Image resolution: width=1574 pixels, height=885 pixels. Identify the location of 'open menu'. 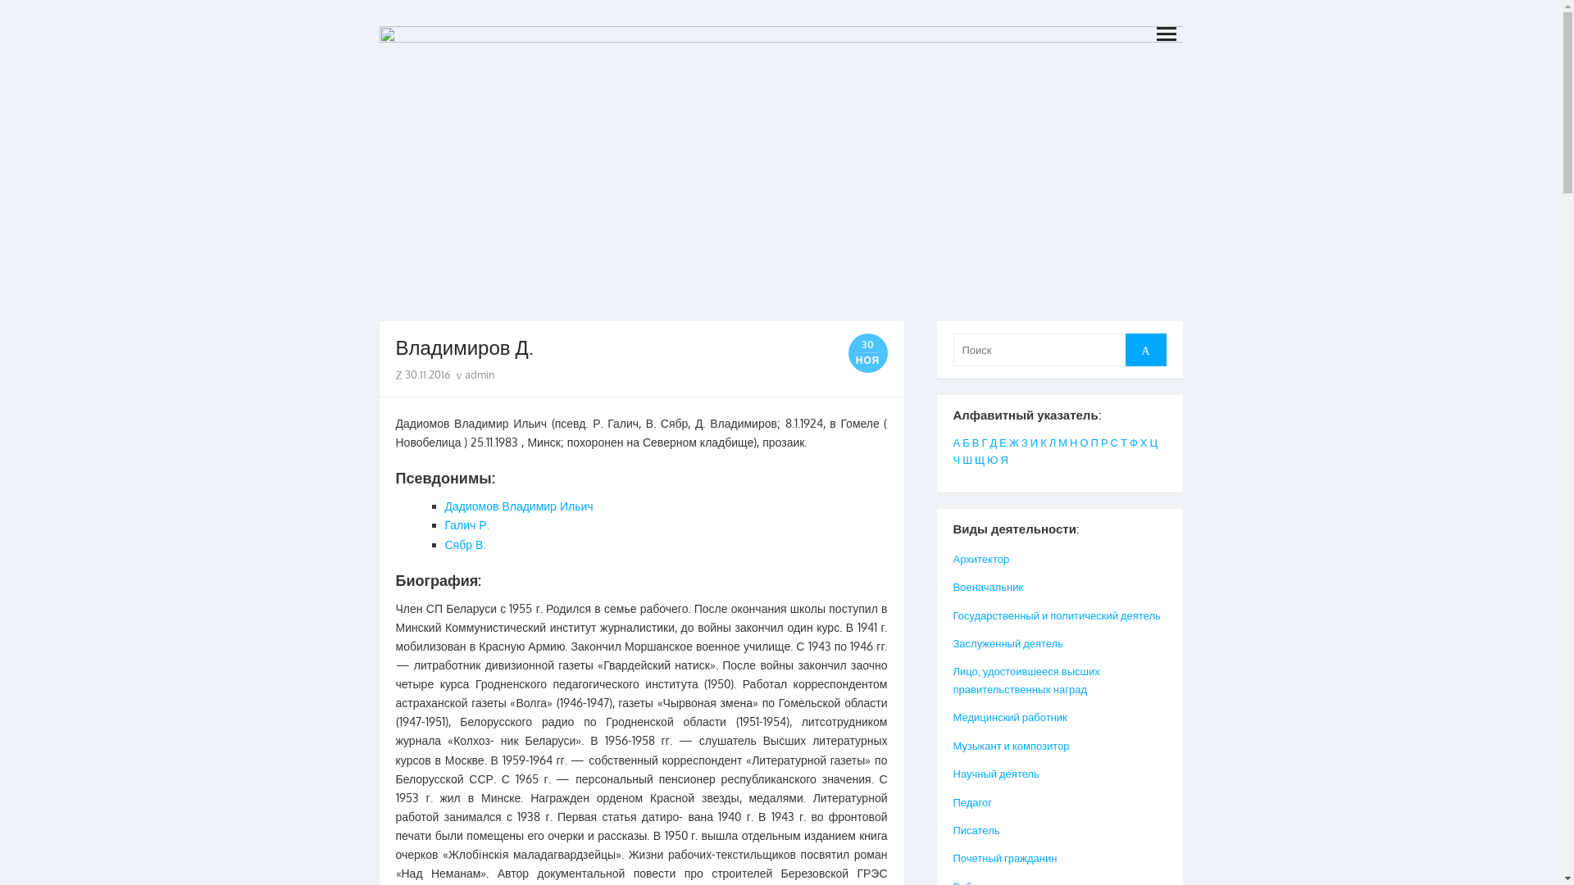
(1164, 32).